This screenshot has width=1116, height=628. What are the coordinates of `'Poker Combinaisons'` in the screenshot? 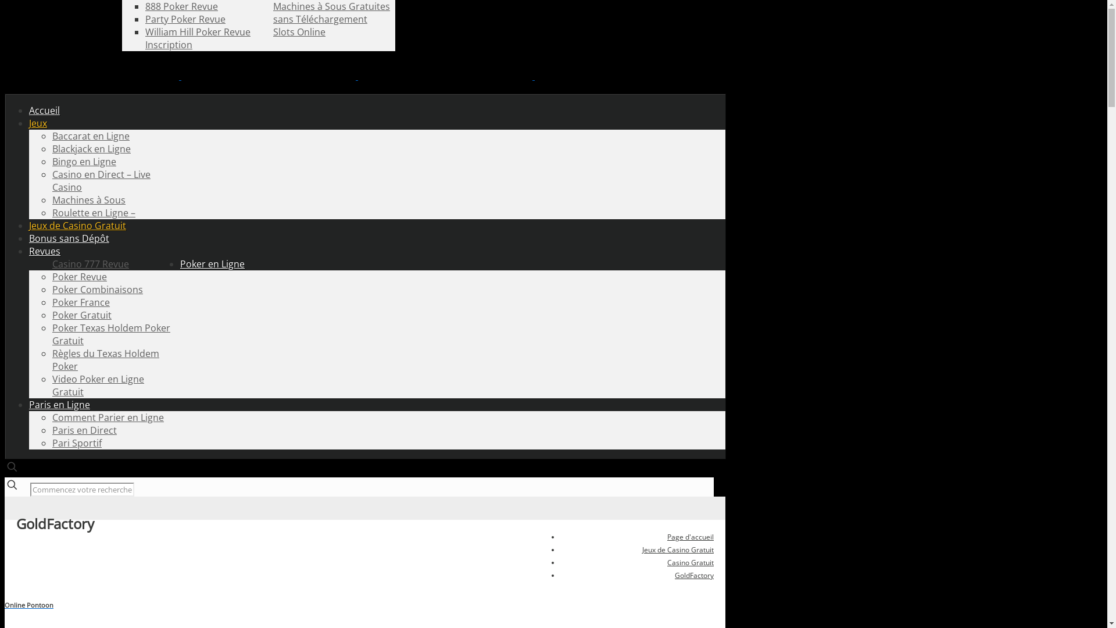 It's located at (52, 288).